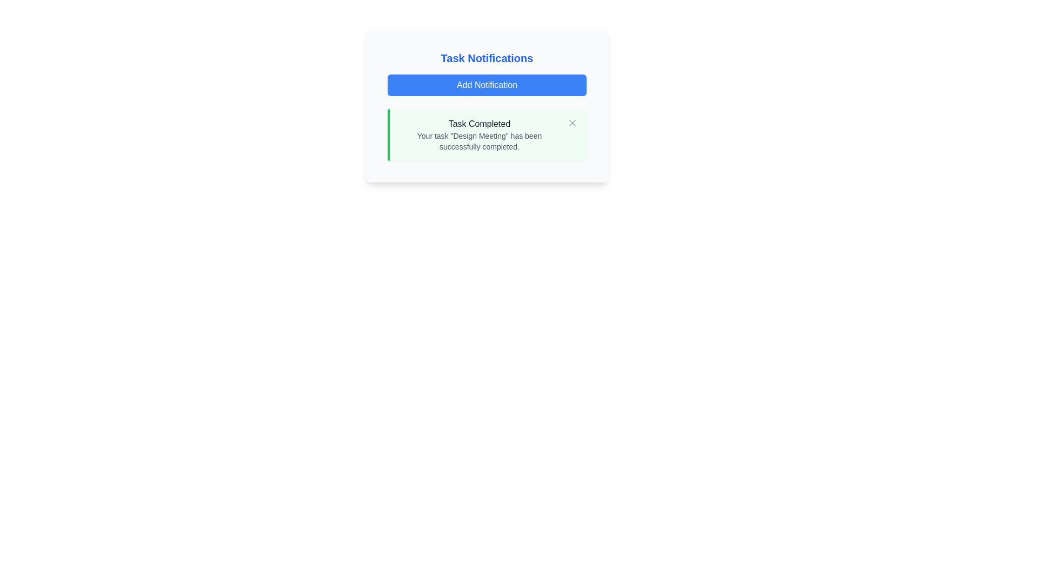 The height and width of the screenshot is (583, 1038). I want to click on information from the text block that communicates the successful completion of the 'Design Meeting' task, located at the top center of a box styled with a green left border and light green background, so click(479, 134).